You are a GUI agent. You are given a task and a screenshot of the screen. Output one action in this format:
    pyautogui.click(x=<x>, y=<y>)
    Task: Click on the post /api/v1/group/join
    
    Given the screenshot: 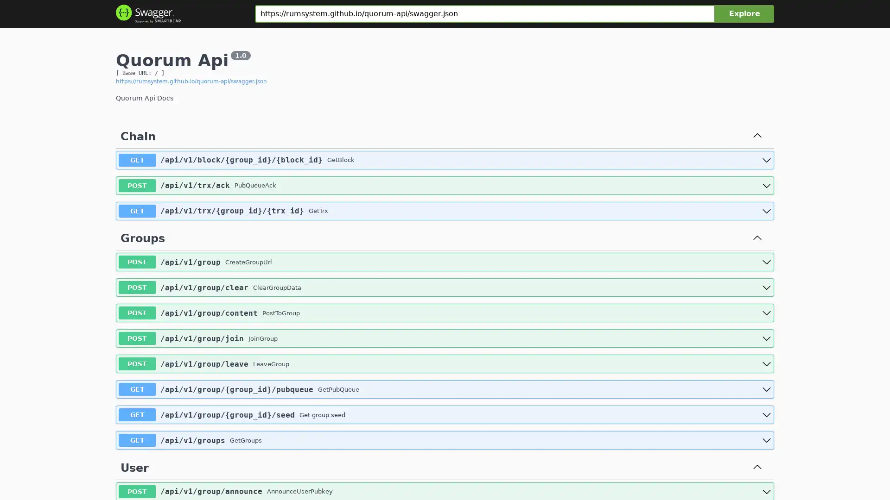 What is the action you would take?
    pyautogui.click(x=445, y=338)
    